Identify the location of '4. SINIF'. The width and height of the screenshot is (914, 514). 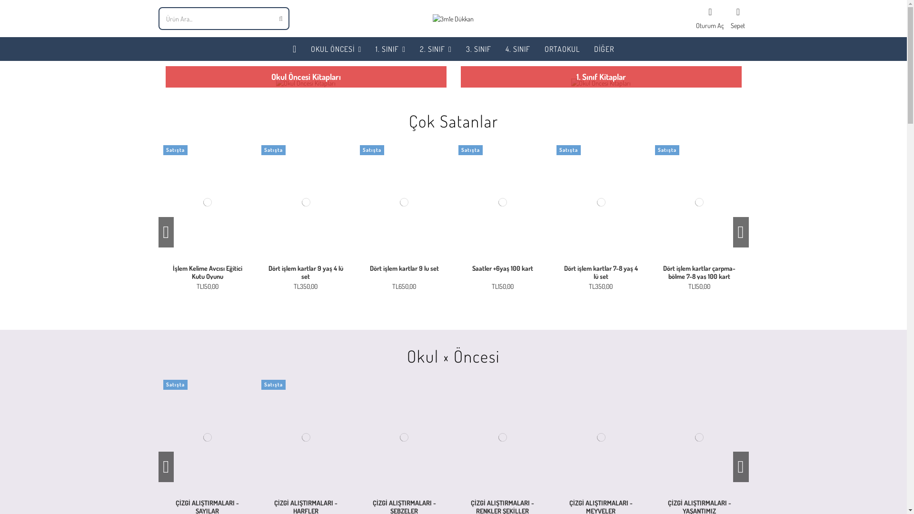
(517, 49).